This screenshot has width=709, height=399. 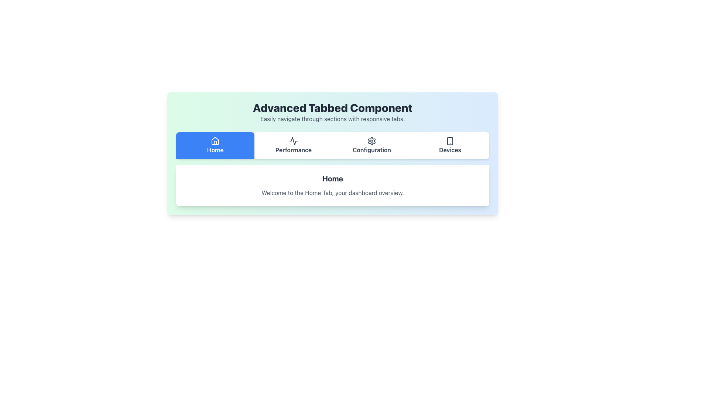 What do you see at coordinates (450, 145) in the screenshot?
I see `the 'Devices' navigation menu item located at the rightmost end of the header navigation bar` at bounding box center [450, 145].